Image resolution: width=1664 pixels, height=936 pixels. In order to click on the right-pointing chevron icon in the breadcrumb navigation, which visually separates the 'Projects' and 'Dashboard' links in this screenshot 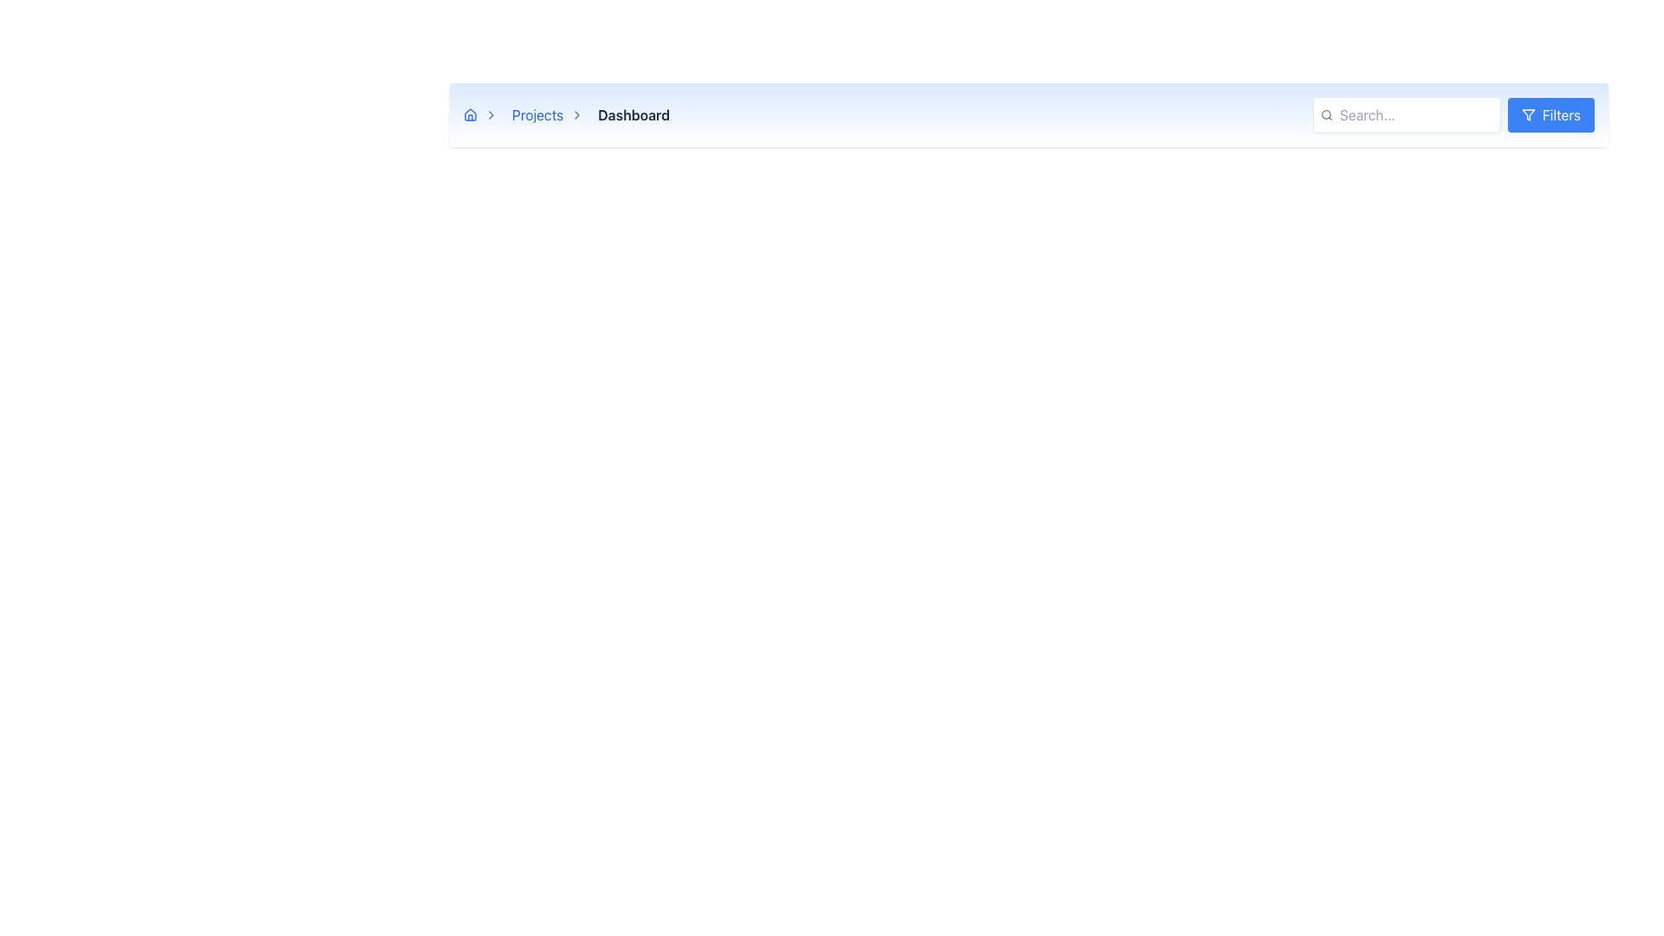, I will do `click(577, 114)`.